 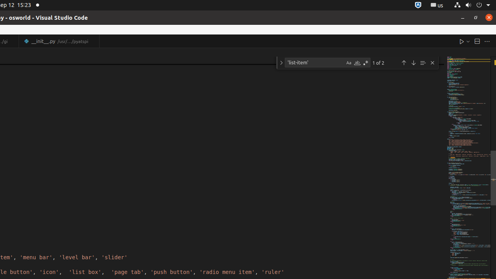 What do you see at coordinates (486, 41) in the screenshot?
I see `'More Actions...'` at bounding box center [486, 41].